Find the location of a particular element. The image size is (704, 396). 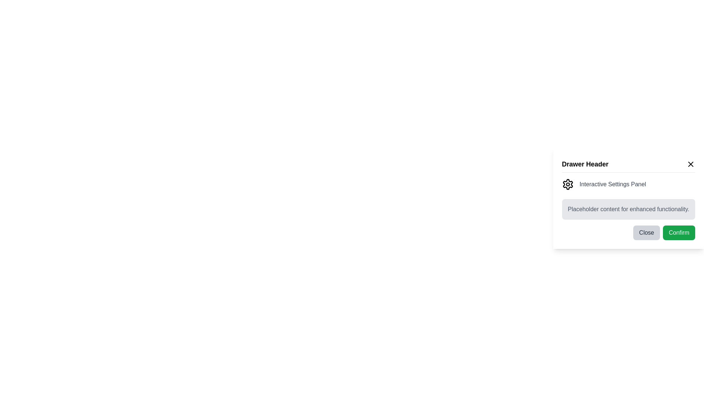

the circular close button with a bold 'X' icon located in the top-right corner of the 'Drawer Header' is located at coordinates (690, 164).